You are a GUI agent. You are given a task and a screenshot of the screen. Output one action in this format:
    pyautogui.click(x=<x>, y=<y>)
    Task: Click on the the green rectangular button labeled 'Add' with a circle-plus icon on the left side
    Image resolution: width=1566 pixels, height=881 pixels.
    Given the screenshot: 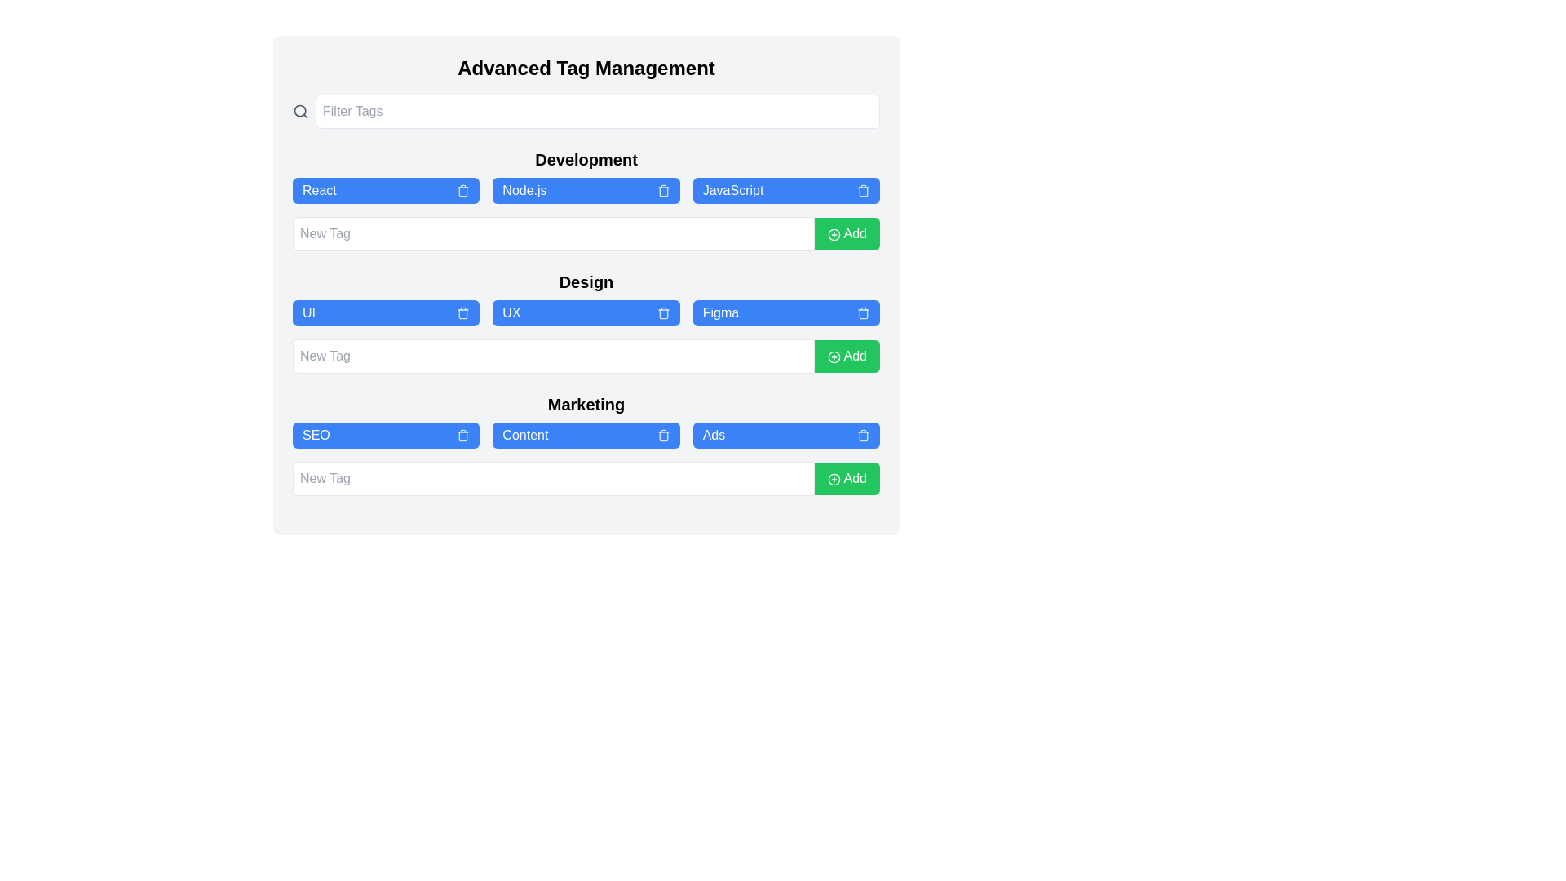 What is the action you would take?
    pyautogui.click(x=847, y=233)
    